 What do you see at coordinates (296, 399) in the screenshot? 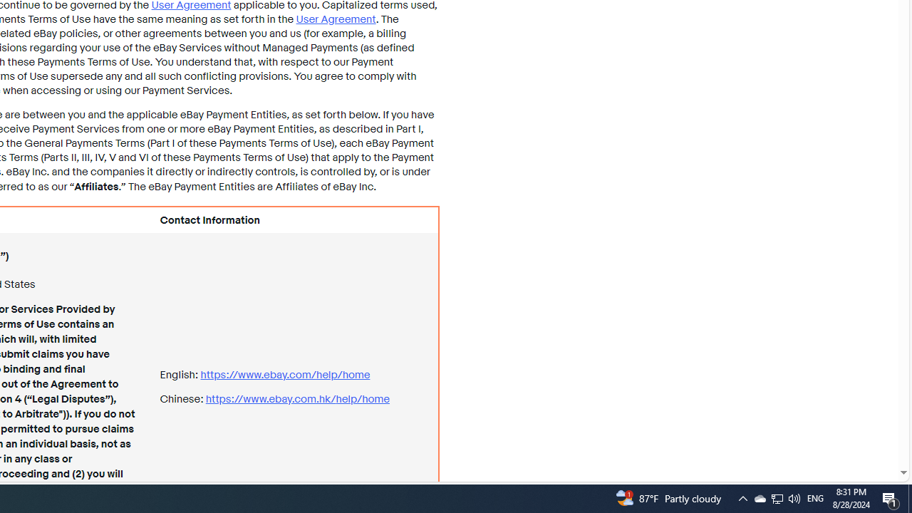
I see `'https://www.ebay.com.hk/ help/home'` at bounding box center [296, 399].